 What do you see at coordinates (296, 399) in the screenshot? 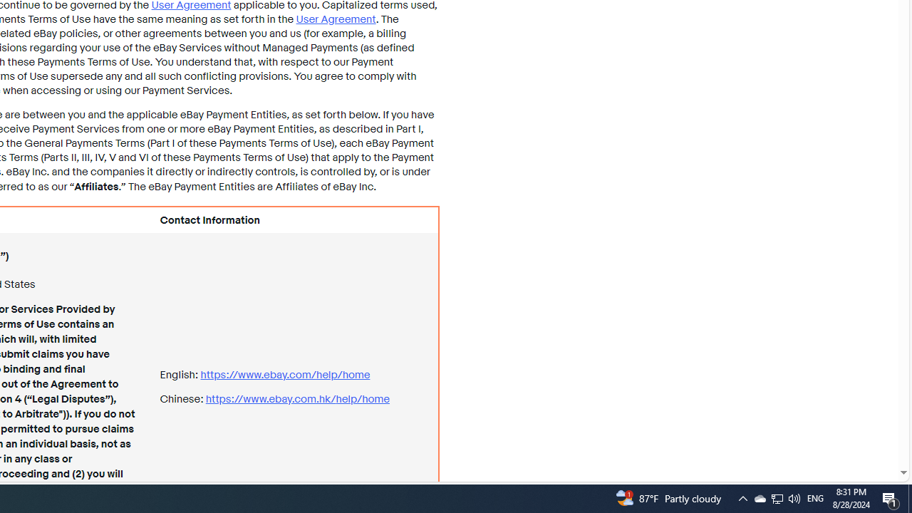
I see `'https://www.ebay.com.hk/ help/home'` at bounding box center [296, 399].